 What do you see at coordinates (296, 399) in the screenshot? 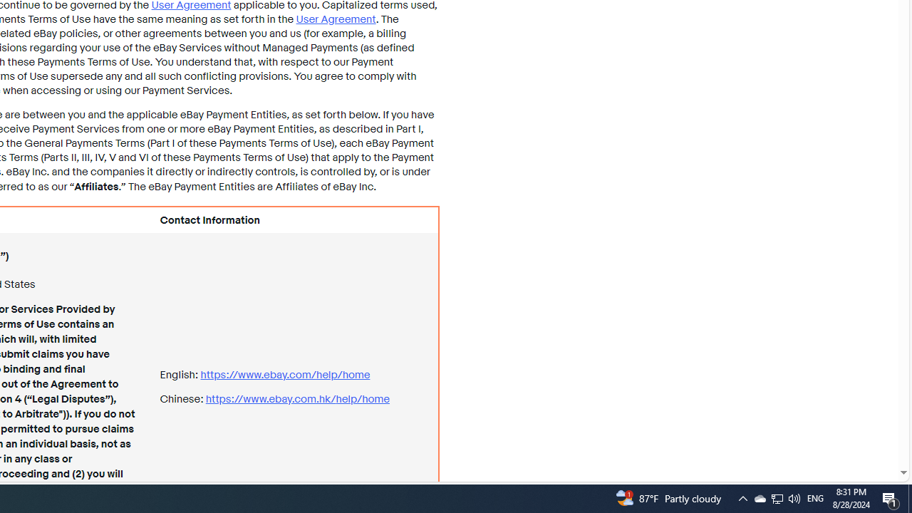
I see `'https://www.ebay.com.hk/ help/home'` at bounding box center [296, 399].